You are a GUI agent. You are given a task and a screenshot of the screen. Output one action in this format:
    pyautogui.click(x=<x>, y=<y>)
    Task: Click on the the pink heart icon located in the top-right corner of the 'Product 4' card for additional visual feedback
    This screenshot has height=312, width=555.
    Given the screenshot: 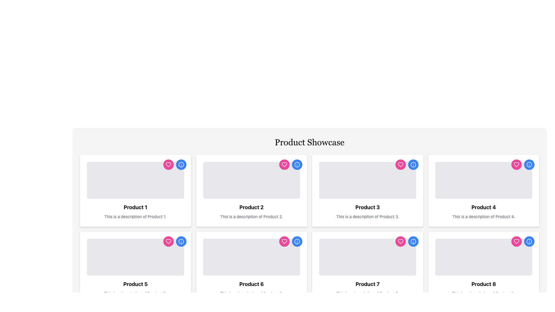 What is the action you would take?
    pyautogui.click(x=516, y=242)
    